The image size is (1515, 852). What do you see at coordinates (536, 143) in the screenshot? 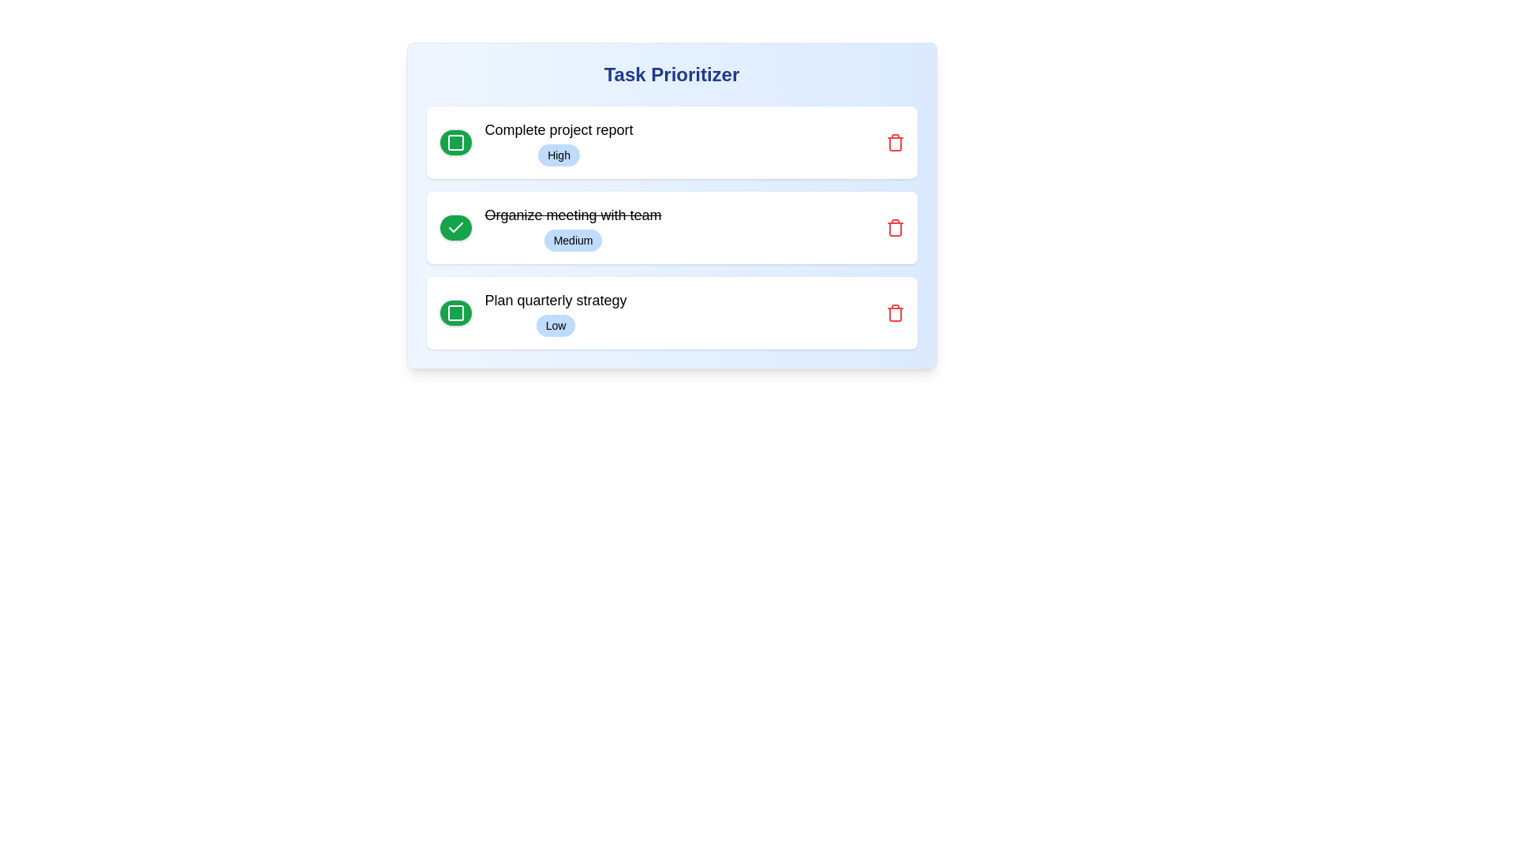
I see `the interactive area surrounding the text label 'Complete project report' with the 'High' badge, which is the first item in the task list under 'Task Prioritizer'` at bounding box center [536, 143].